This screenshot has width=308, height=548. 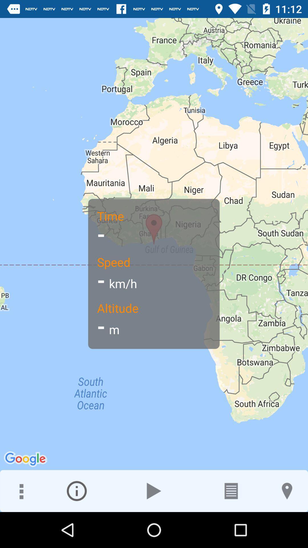 I want to click on the location icon, so click(x=287, y=491).